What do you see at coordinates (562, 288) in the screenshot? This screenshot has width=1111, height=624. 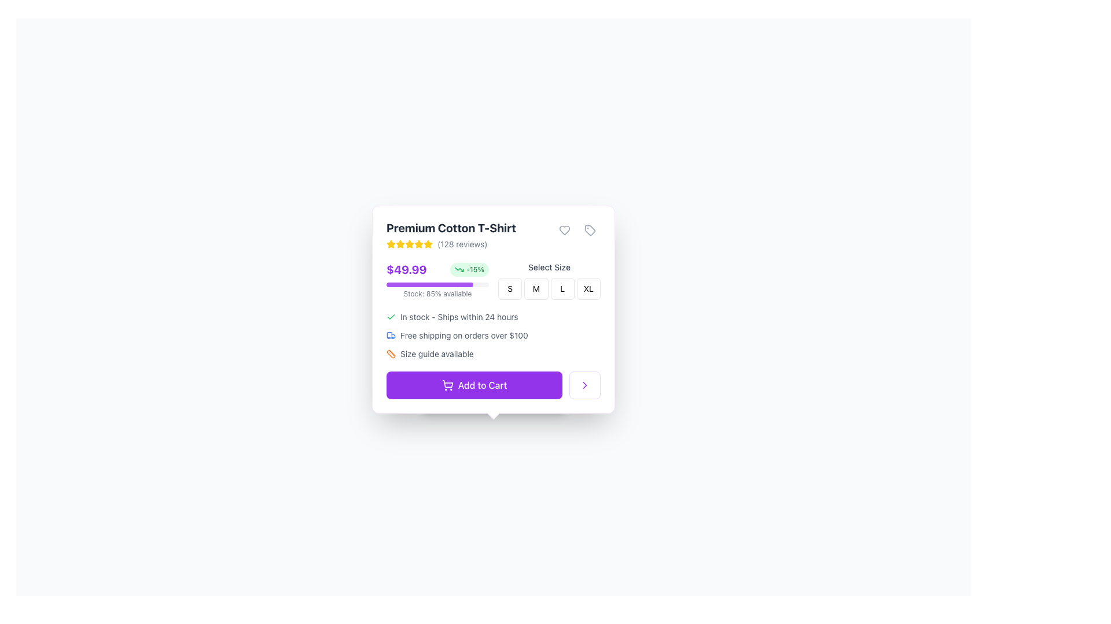 I see `the 'L' size button located in the 'Select Size' section, which is the third button in a group of four buttons labeled 'S', 'M', 'L', and 'XL'` at bounding box center [562, 288].